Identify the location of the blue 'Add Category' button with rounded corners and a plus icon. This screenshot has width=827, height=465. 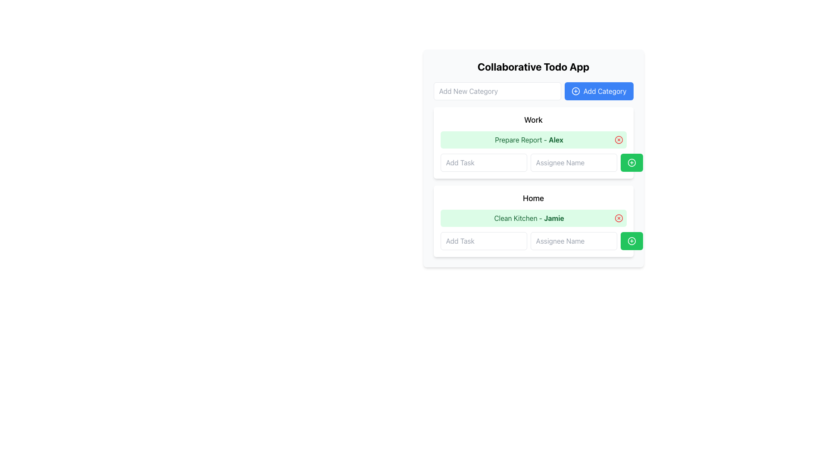
(598, 91).